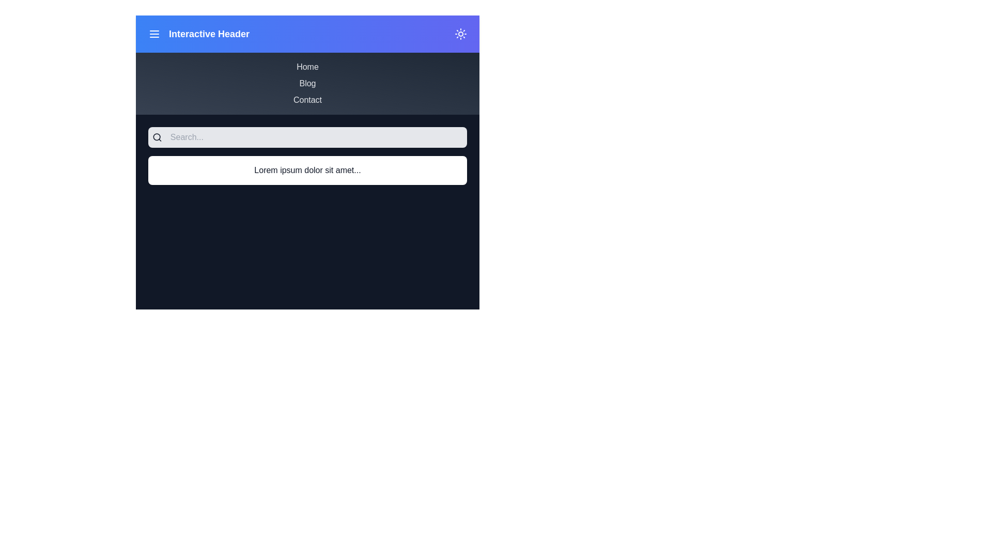 The width and height of the screenshot is (992, 558). What do you see at coordinates (460, 33) in the screenshot?
I see `button to toggle between dark and light modes` at bounding box center [460, 33].